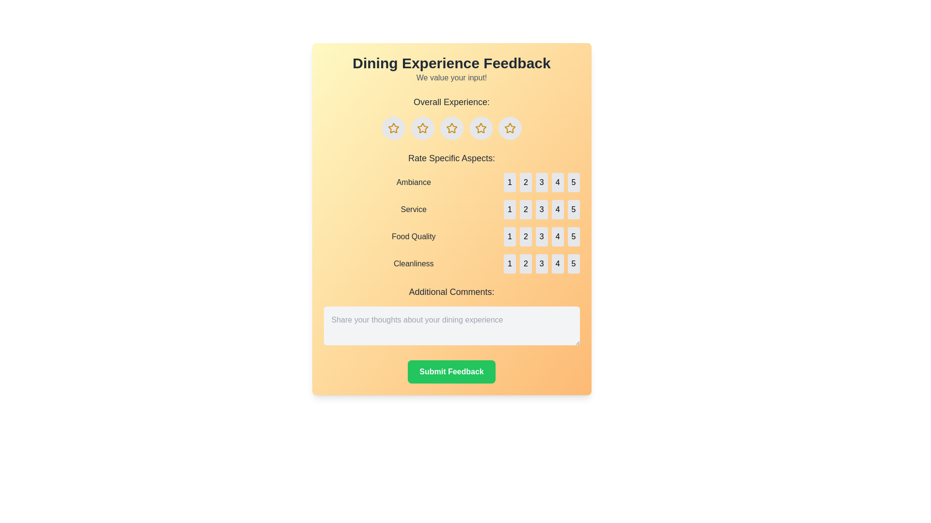  What do you see at coordinates (481, 128) in the screenshot?
I see `the fifth circular rating button with a gray background and a yellow star icon` at bounding box center [481, 128].